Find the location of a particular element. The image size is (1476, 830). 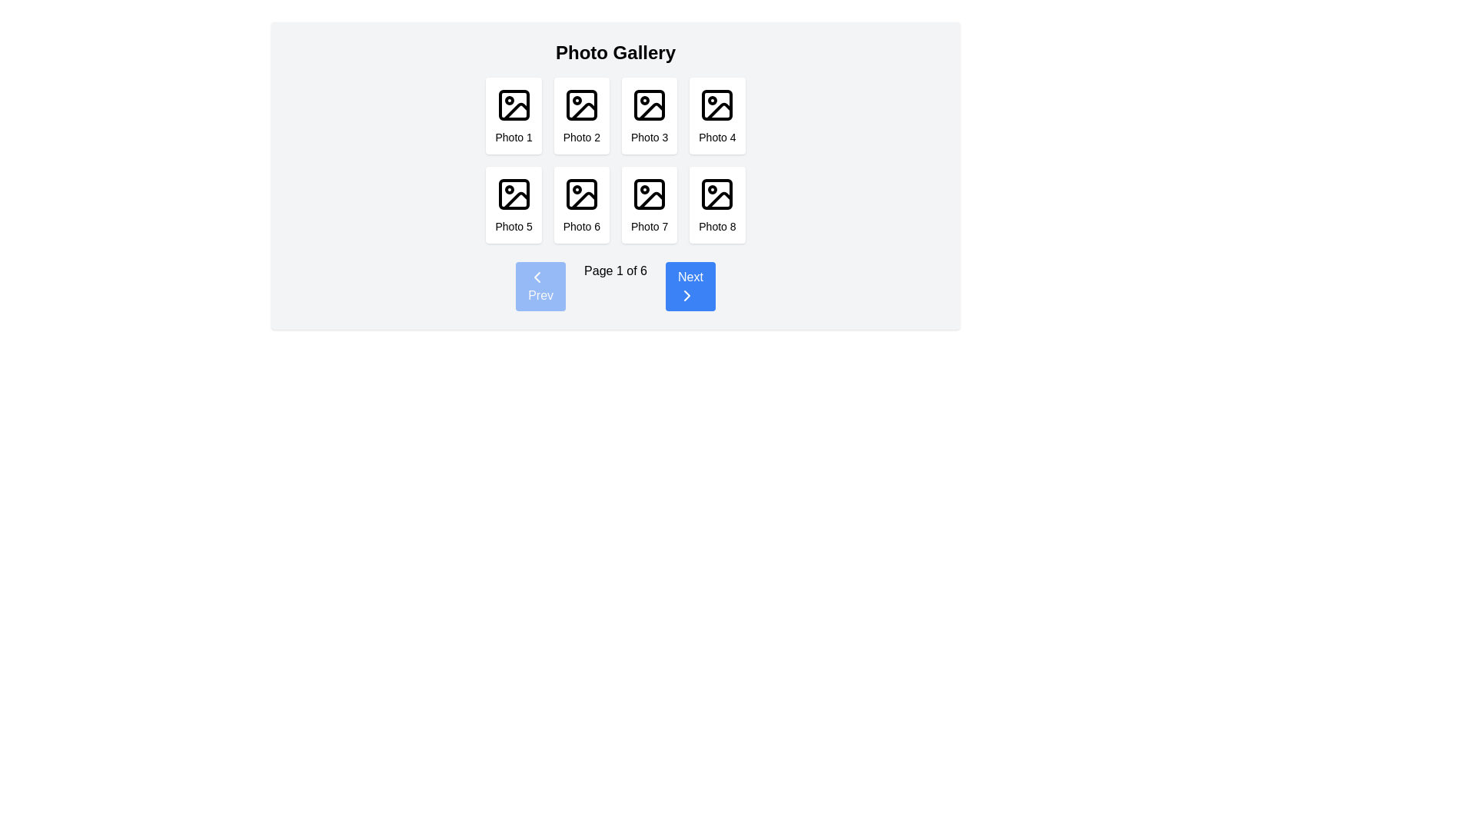

the decorative chevron icon located inside the blue 'Next' button at the bottom-right of the interface to proceed to the next page or step is located at coordinates (686, 296).